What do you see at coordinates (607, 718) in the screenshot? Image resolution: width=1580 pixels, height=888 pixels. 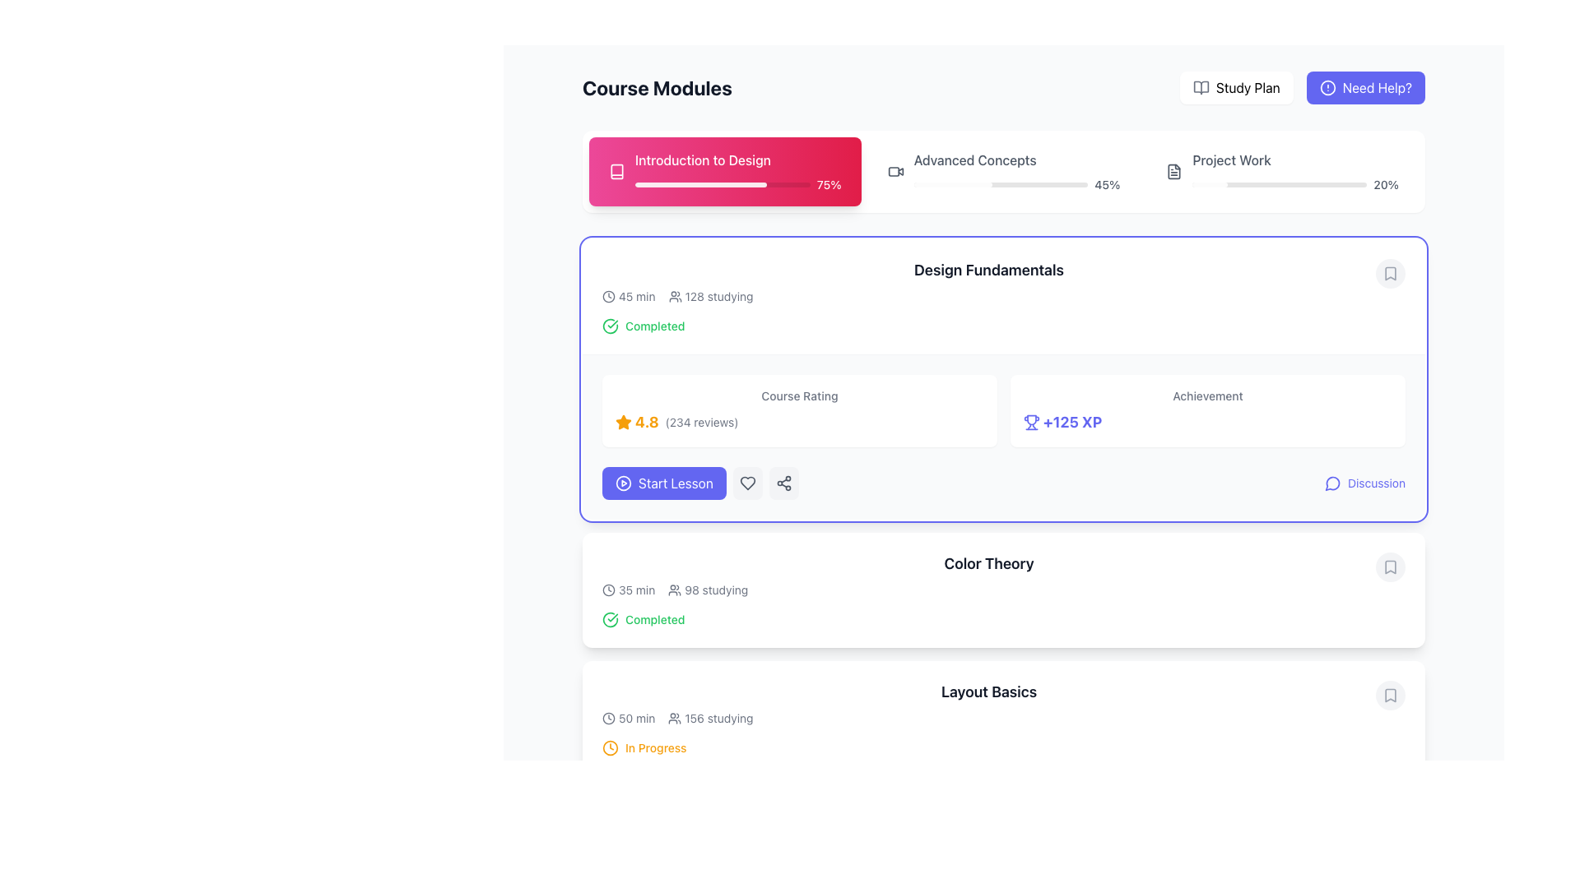 I see `the decorative SVG circle element that serves as the base of the clock icon, located to the left of the text '50 min' and above the text '156 studying' in the 'Layout Basics' module card` at bounding box center [607, 718].